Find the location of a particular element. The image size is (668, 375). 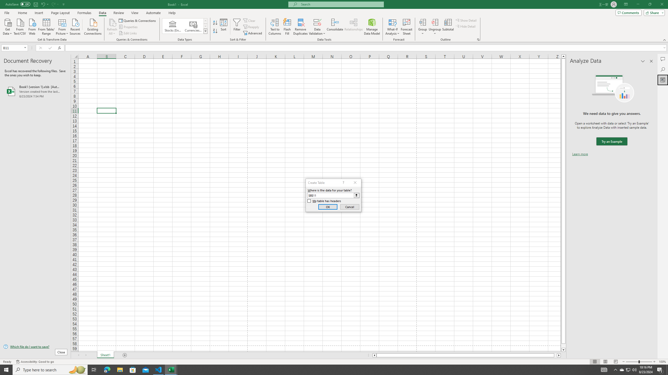

'View' is located at coordinates (134, 13).